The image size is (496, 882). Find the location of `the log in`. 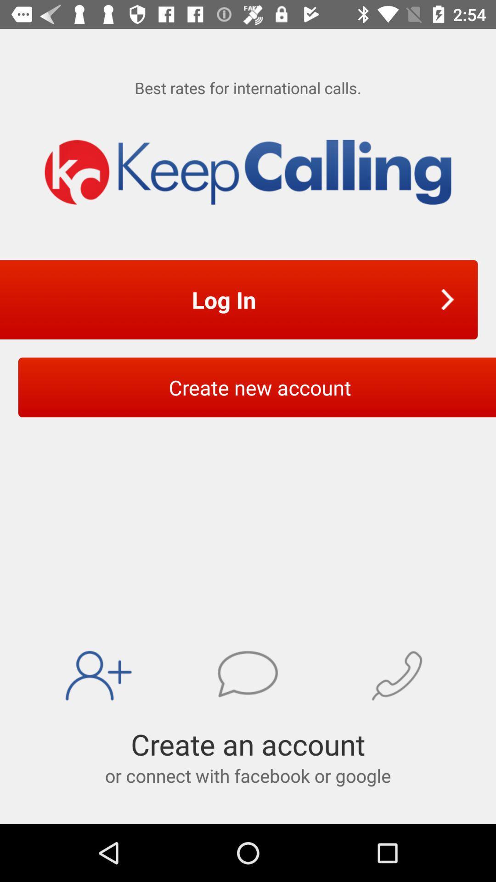

the log in is located at coordinates (226, 300).